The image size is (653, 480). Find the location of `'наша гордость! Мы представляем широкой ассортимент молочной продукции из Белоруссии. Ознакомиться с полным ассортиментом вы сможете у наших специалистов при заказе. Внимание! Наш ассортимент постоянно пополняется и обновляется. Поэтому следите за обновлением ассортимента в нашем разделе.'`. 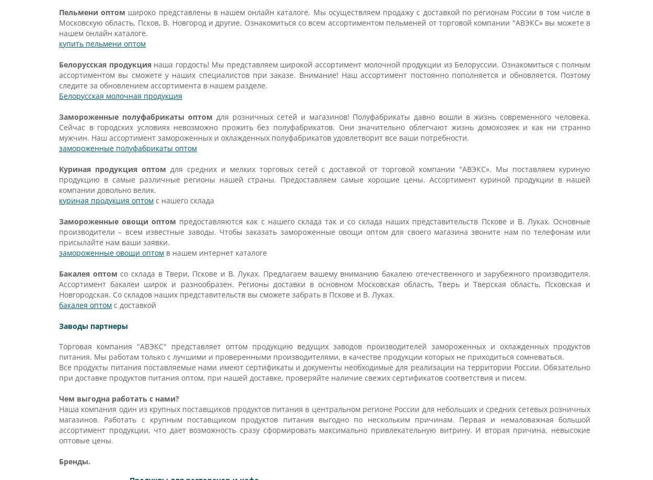

'наша гордость! Мы представляем широкой ассортимент молочной продукции из Белоруссии. Ознакомиться с полным ассортиментом вы сможете у наших специалистов при заказе. Внимание! Наш ассортимент постоянно пополняется и обновляется. Поэтому следите за обновлением ассортимента в нашем разделе.' is located at coordinates (58, 74).